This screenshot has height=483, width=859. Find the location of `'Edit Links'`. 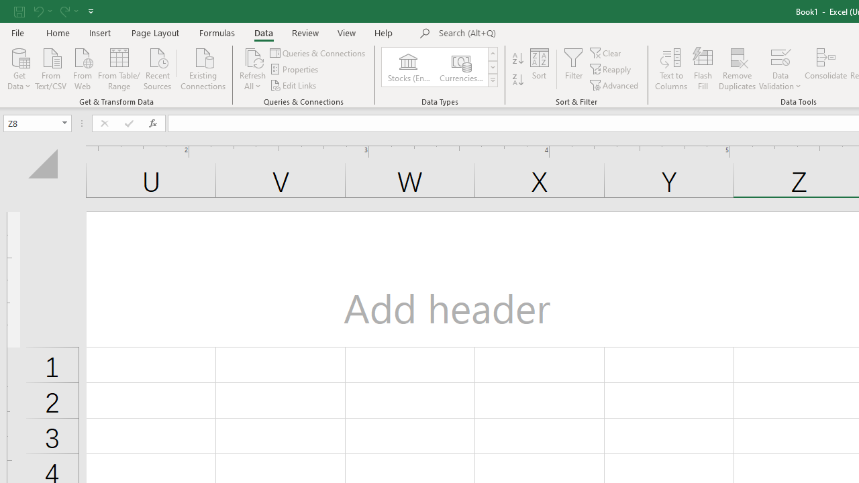

'Edit Links' is located at coordinates (293, 85).